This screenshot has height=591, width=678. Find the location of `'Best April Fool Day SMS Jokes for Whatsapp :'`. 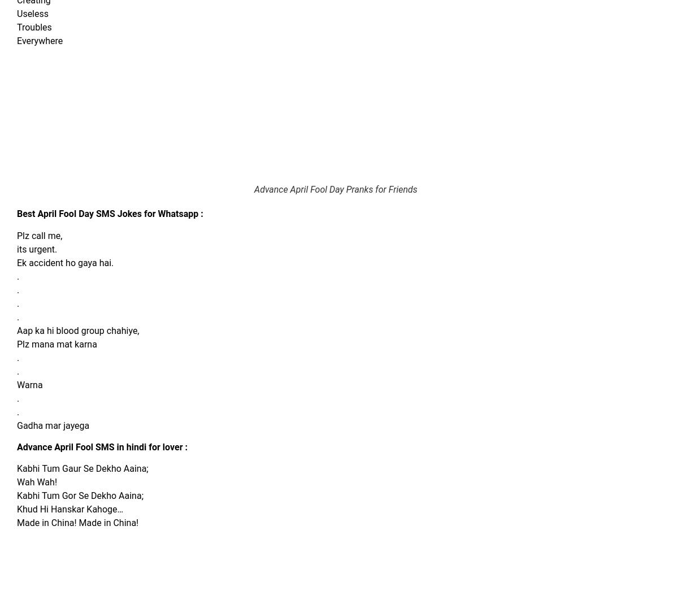

'Best April Fool Day SMS Jokes for Whatsapp :' is located at coordinates (109, 214).